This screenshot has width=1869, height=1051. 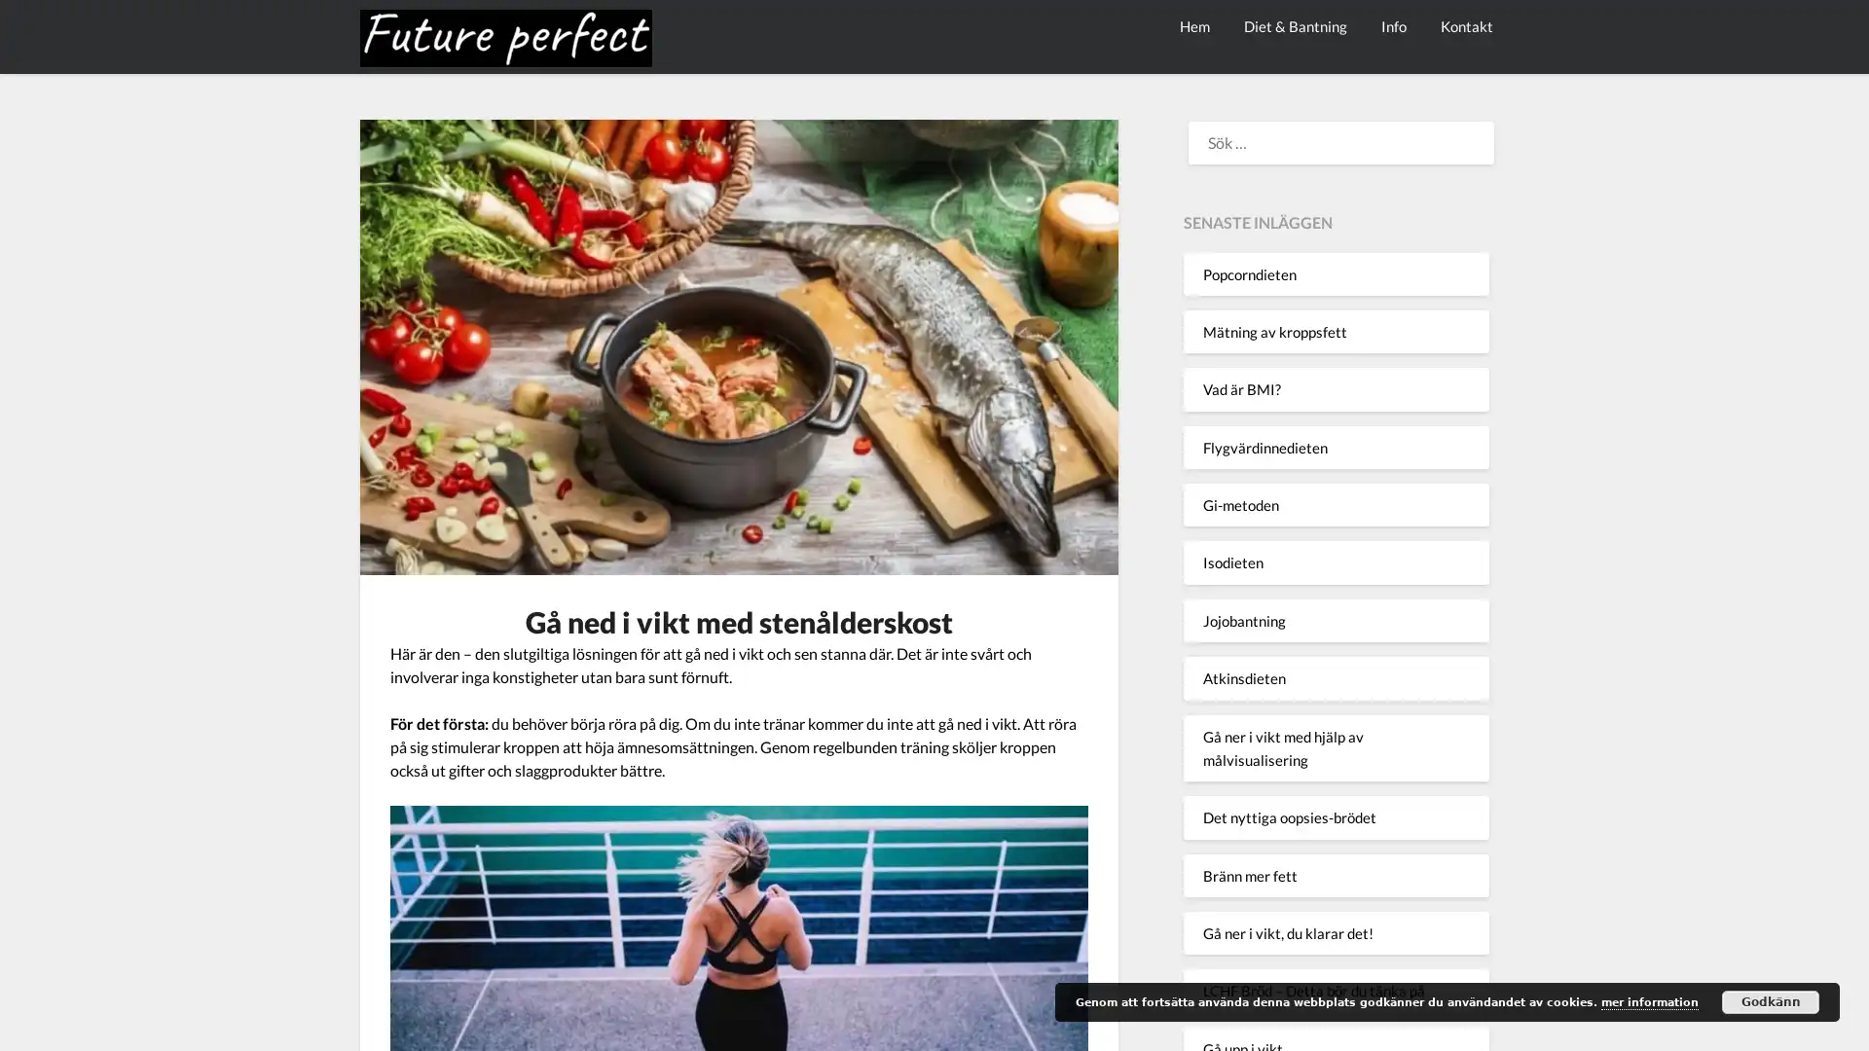 I want to click on Godkann, so click(x=1771, y=1001).